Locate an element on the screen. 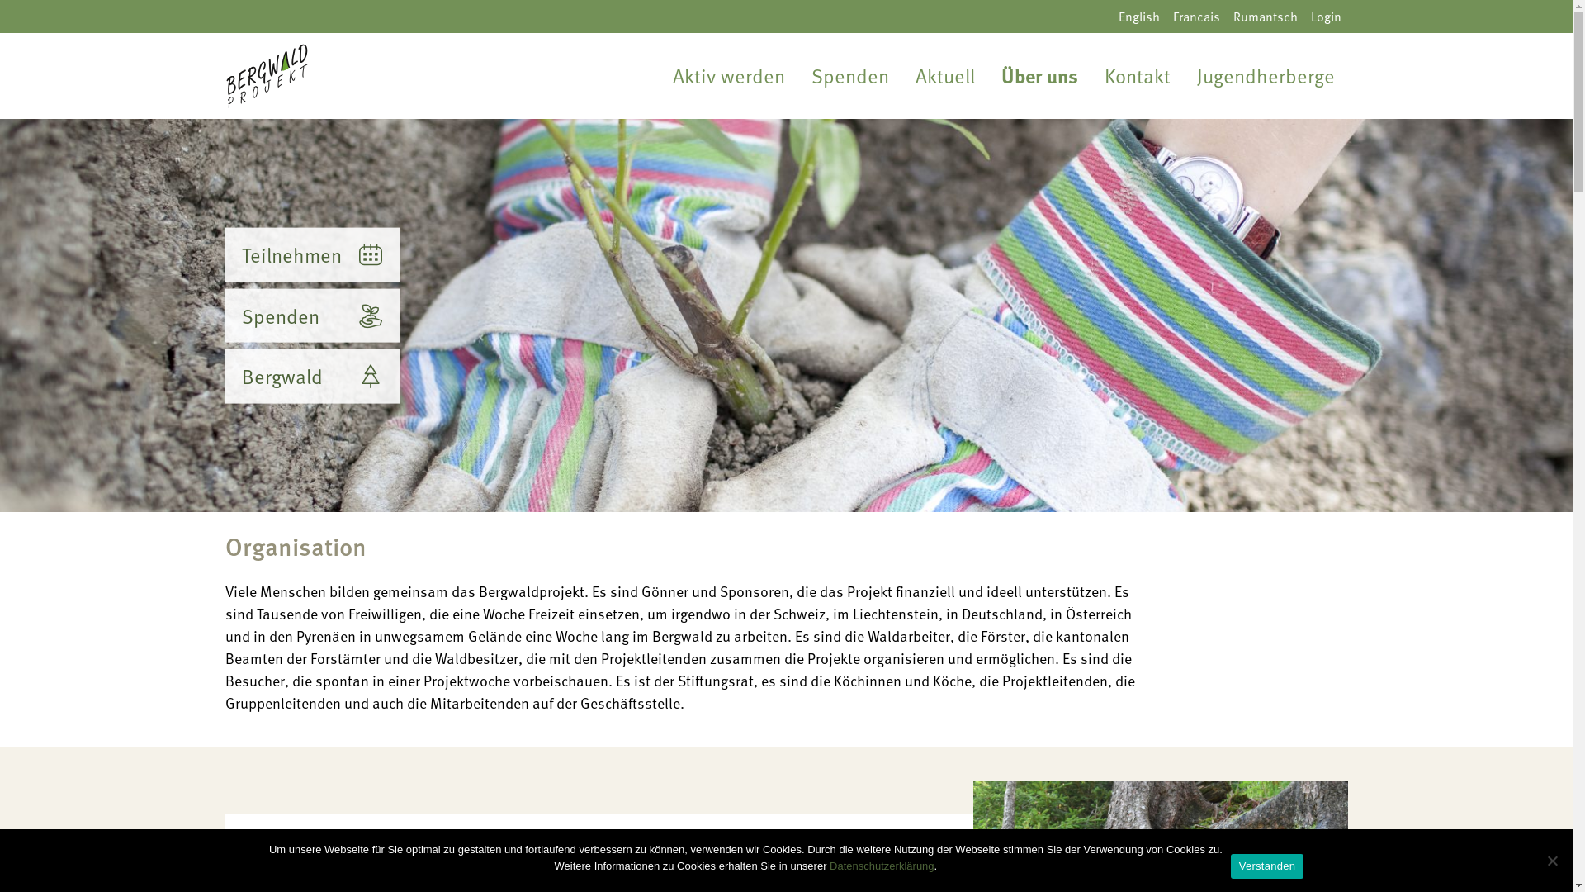  'Teilnehmen' is located at coordinates (311, 254).